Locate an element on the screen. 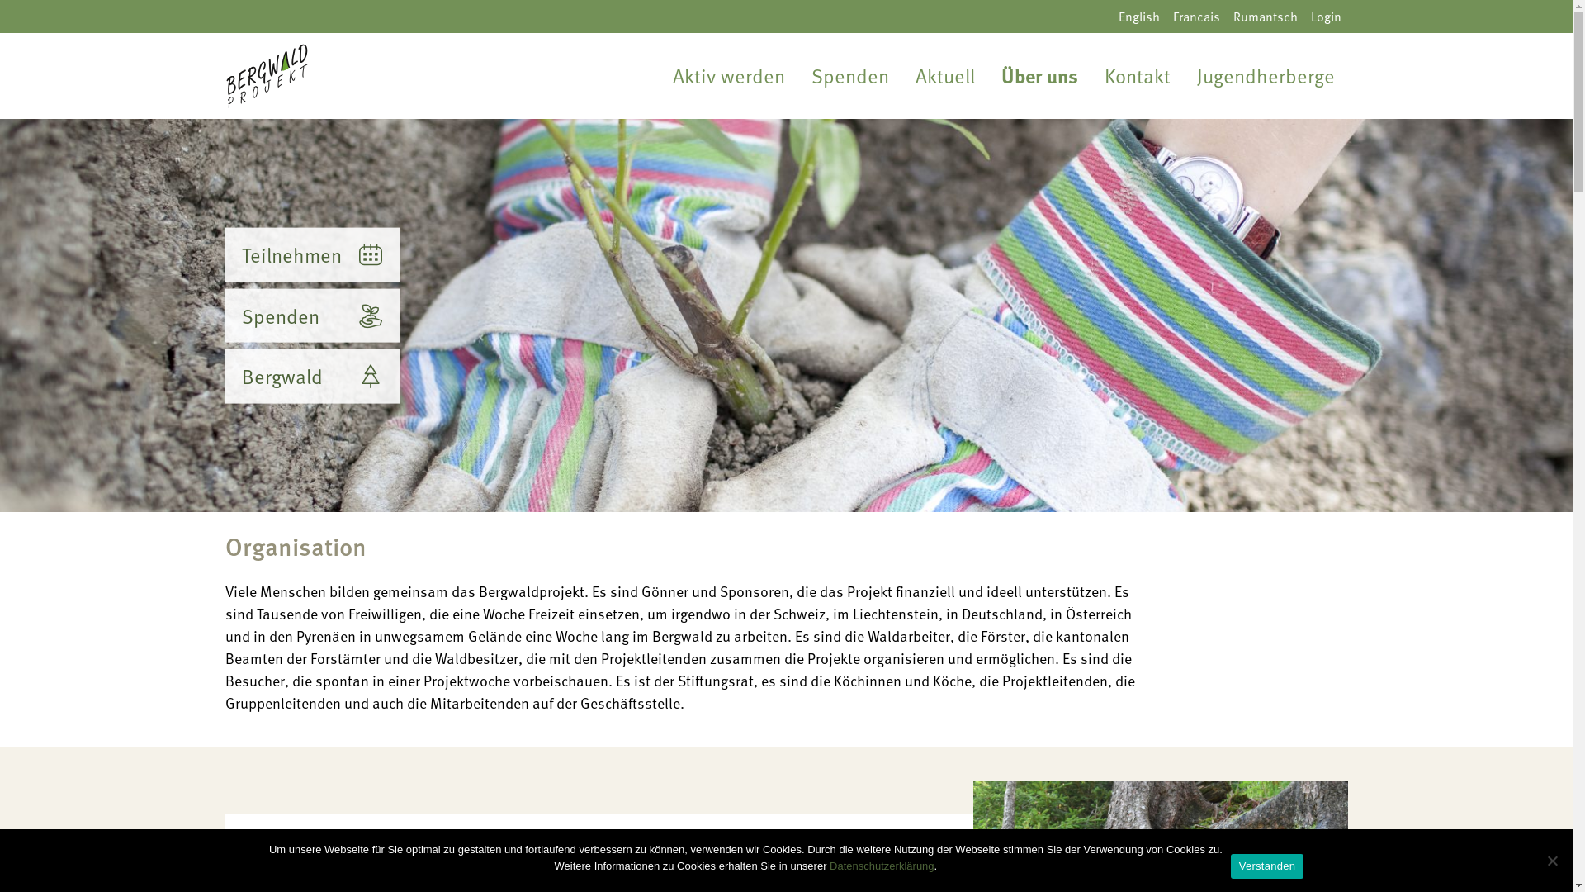  'Teilnehmen' is located at coordinates (311, 254).